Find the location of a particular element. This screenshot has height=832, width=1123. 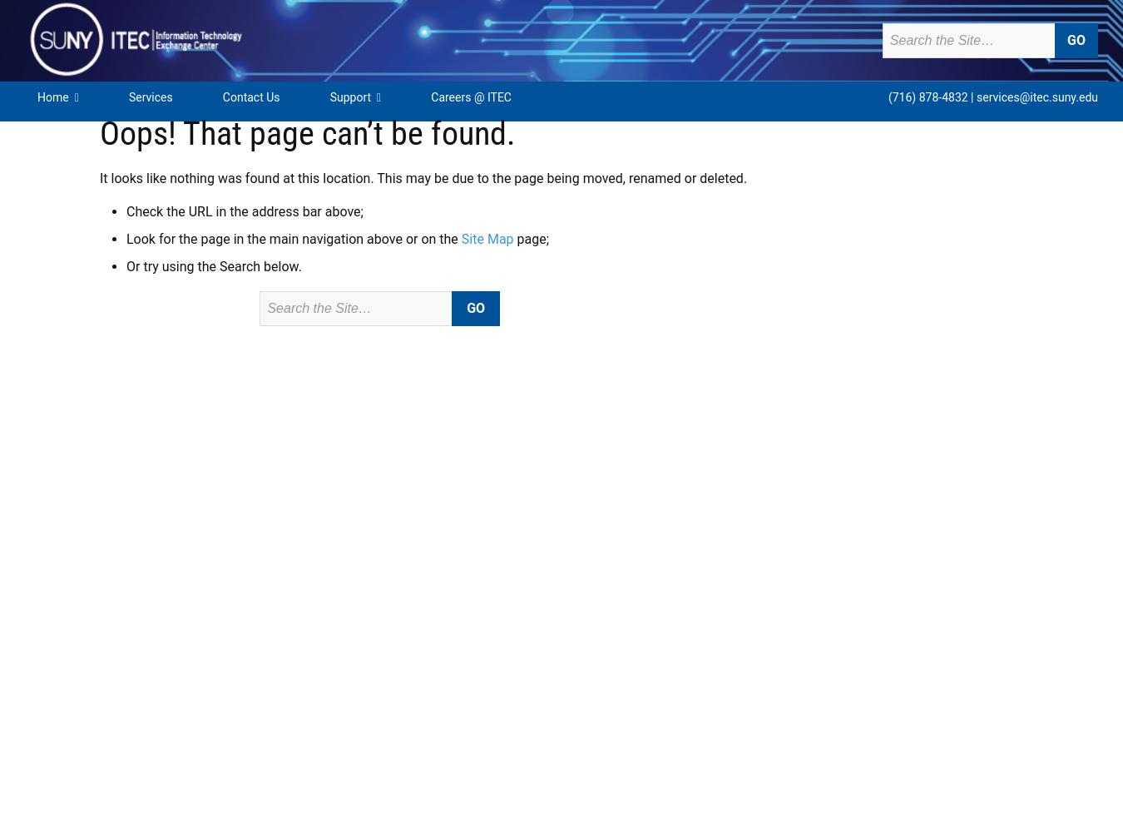

'Check the URL in the address bar above;' is located at coordinates (244, 211).